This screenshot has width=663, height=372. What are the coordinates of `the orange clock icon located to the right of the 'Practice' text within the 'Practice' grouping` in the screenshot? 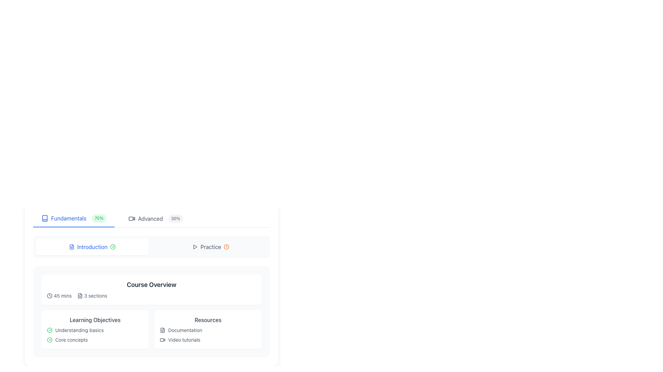 It's located at (227, 247).